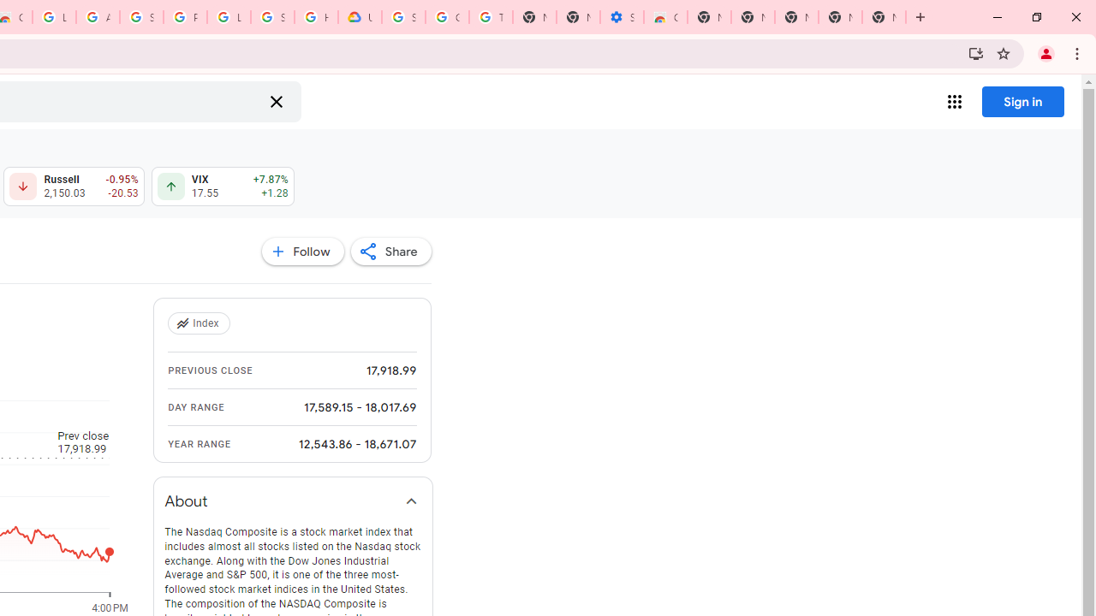  What do you see at coordinates (390, 252) in the screenshot?
I see `'Share'` at bounding box center [390, 252].